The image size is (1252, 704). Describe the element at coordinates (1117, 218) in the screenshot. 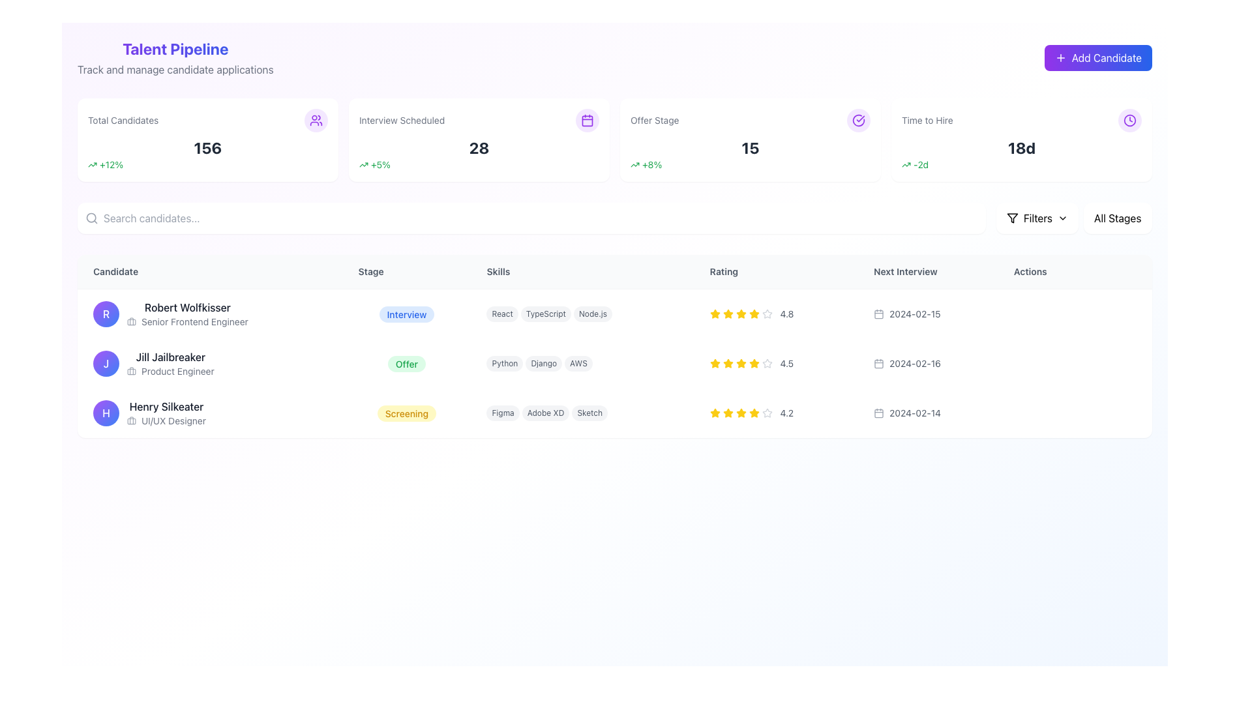

I see `the Dropdown menu located on the top-right section of the interface to reveal filtering options for stages` at that location.